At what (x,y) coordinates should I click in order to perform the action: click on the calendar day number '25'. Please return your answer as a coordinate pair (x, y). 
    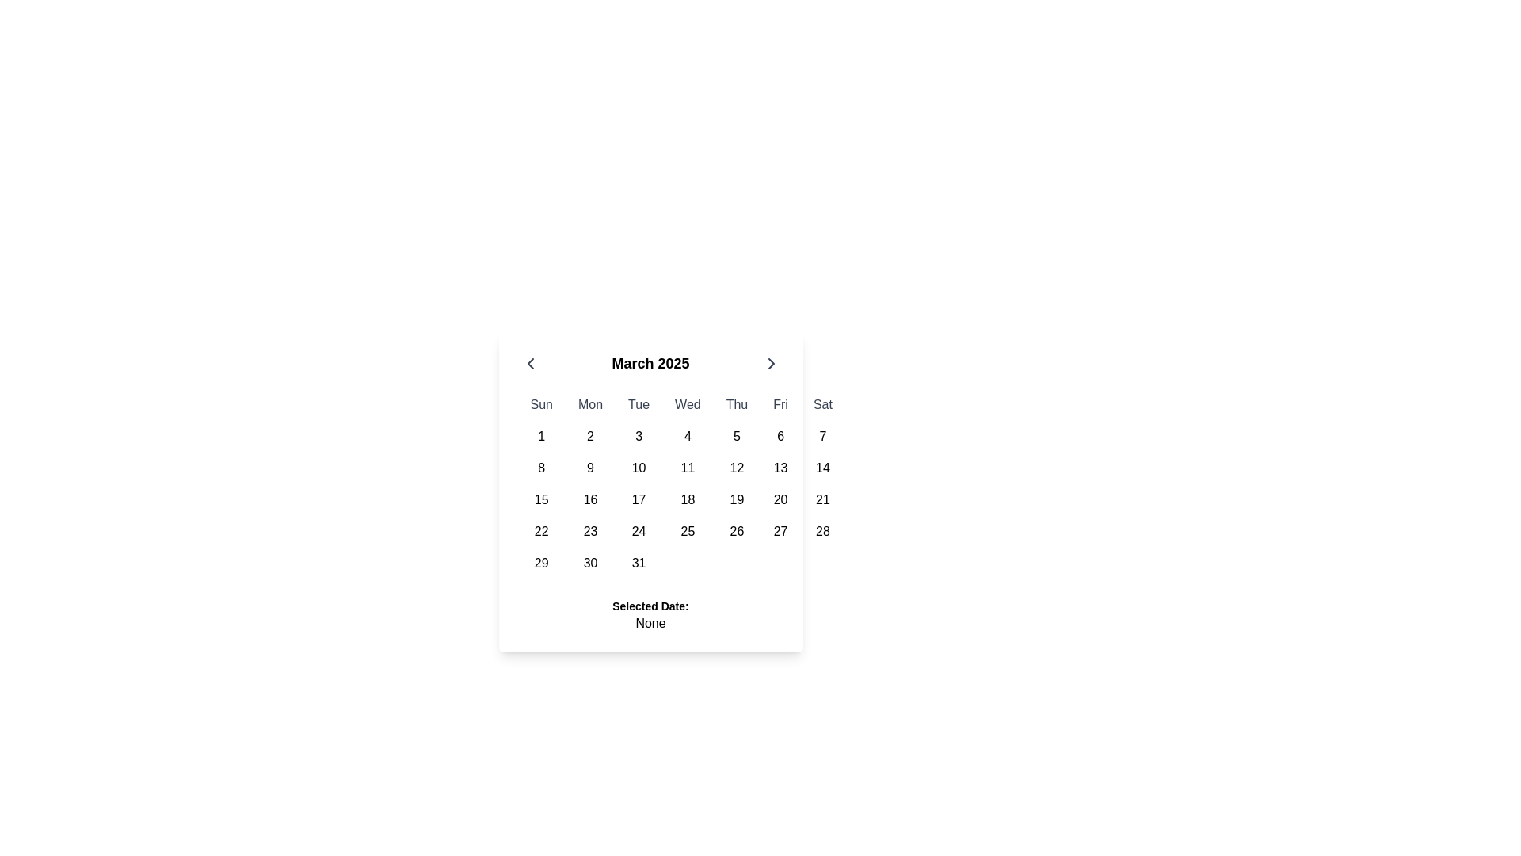
    Looking at the image, I should click on (681, 532).